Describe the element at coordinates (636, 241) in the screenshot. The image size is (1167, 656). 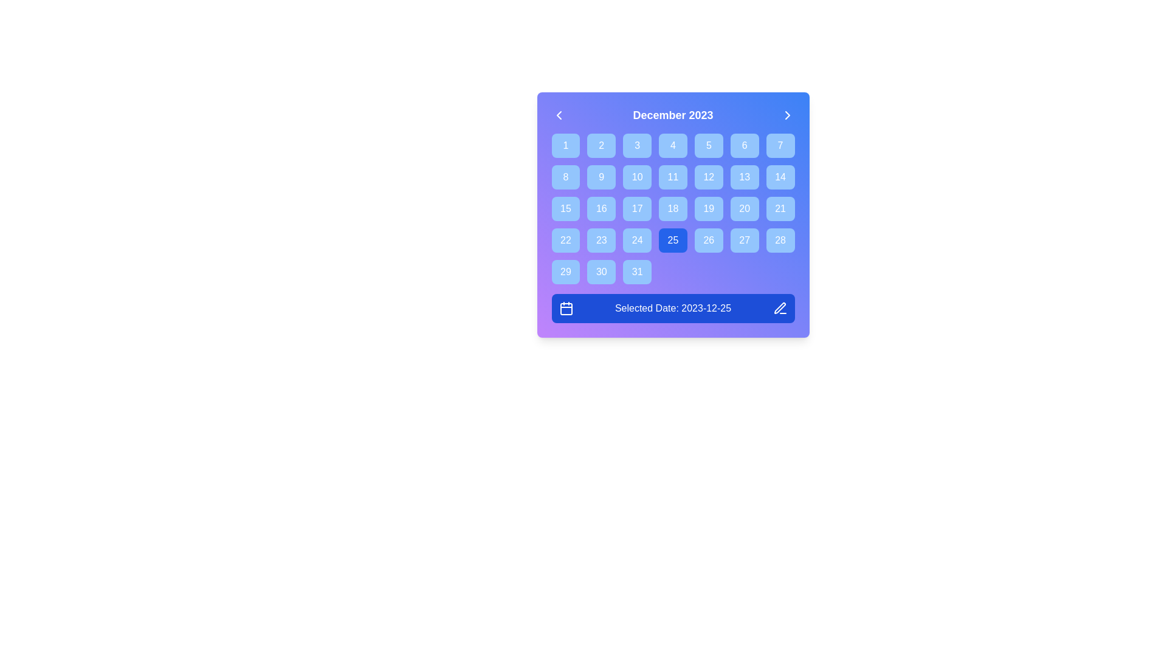
I see `the button representing the date '24' in the calendar` at that location.